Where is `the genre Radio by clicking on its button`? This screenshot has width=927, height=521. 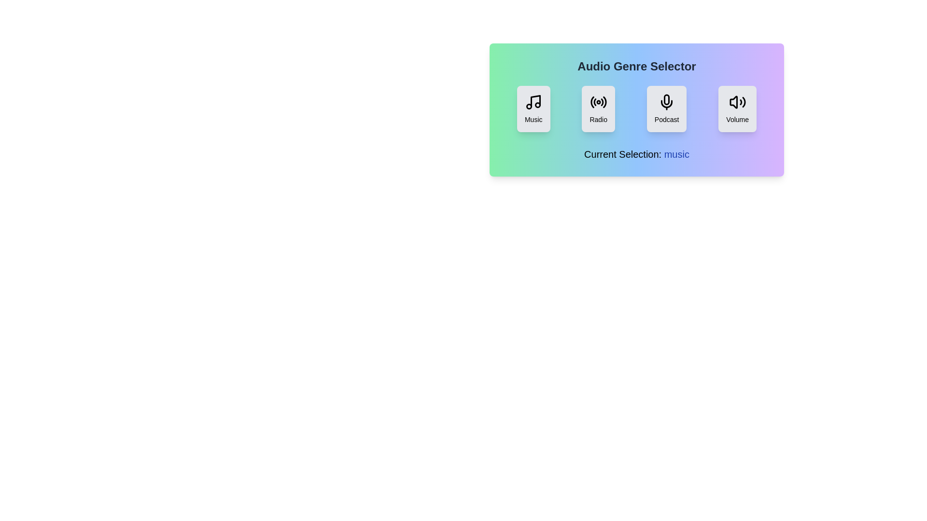
the genre Radio by clicking on its button is located at coordinates (597, 109).